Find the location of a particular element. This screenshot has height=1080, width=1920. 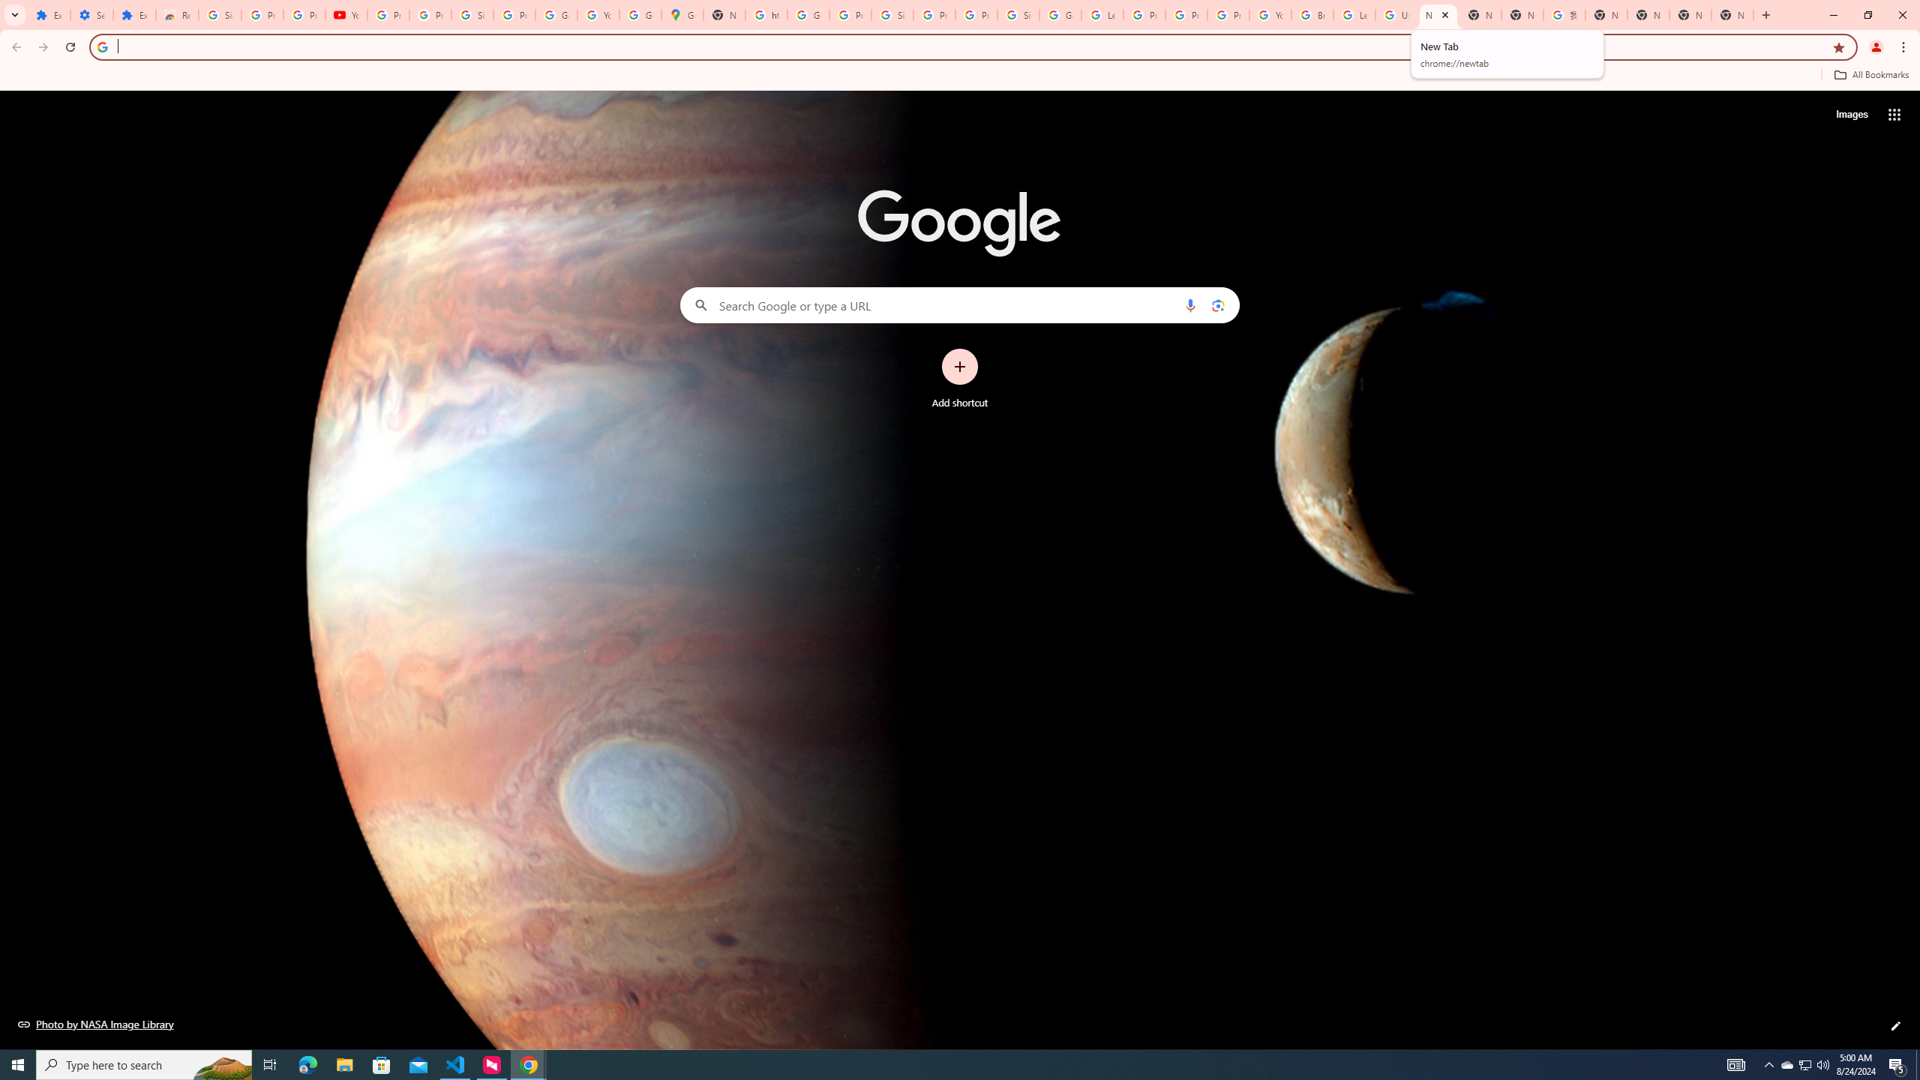

'Search Google or type a URL' is located at coordinates (960, 304).